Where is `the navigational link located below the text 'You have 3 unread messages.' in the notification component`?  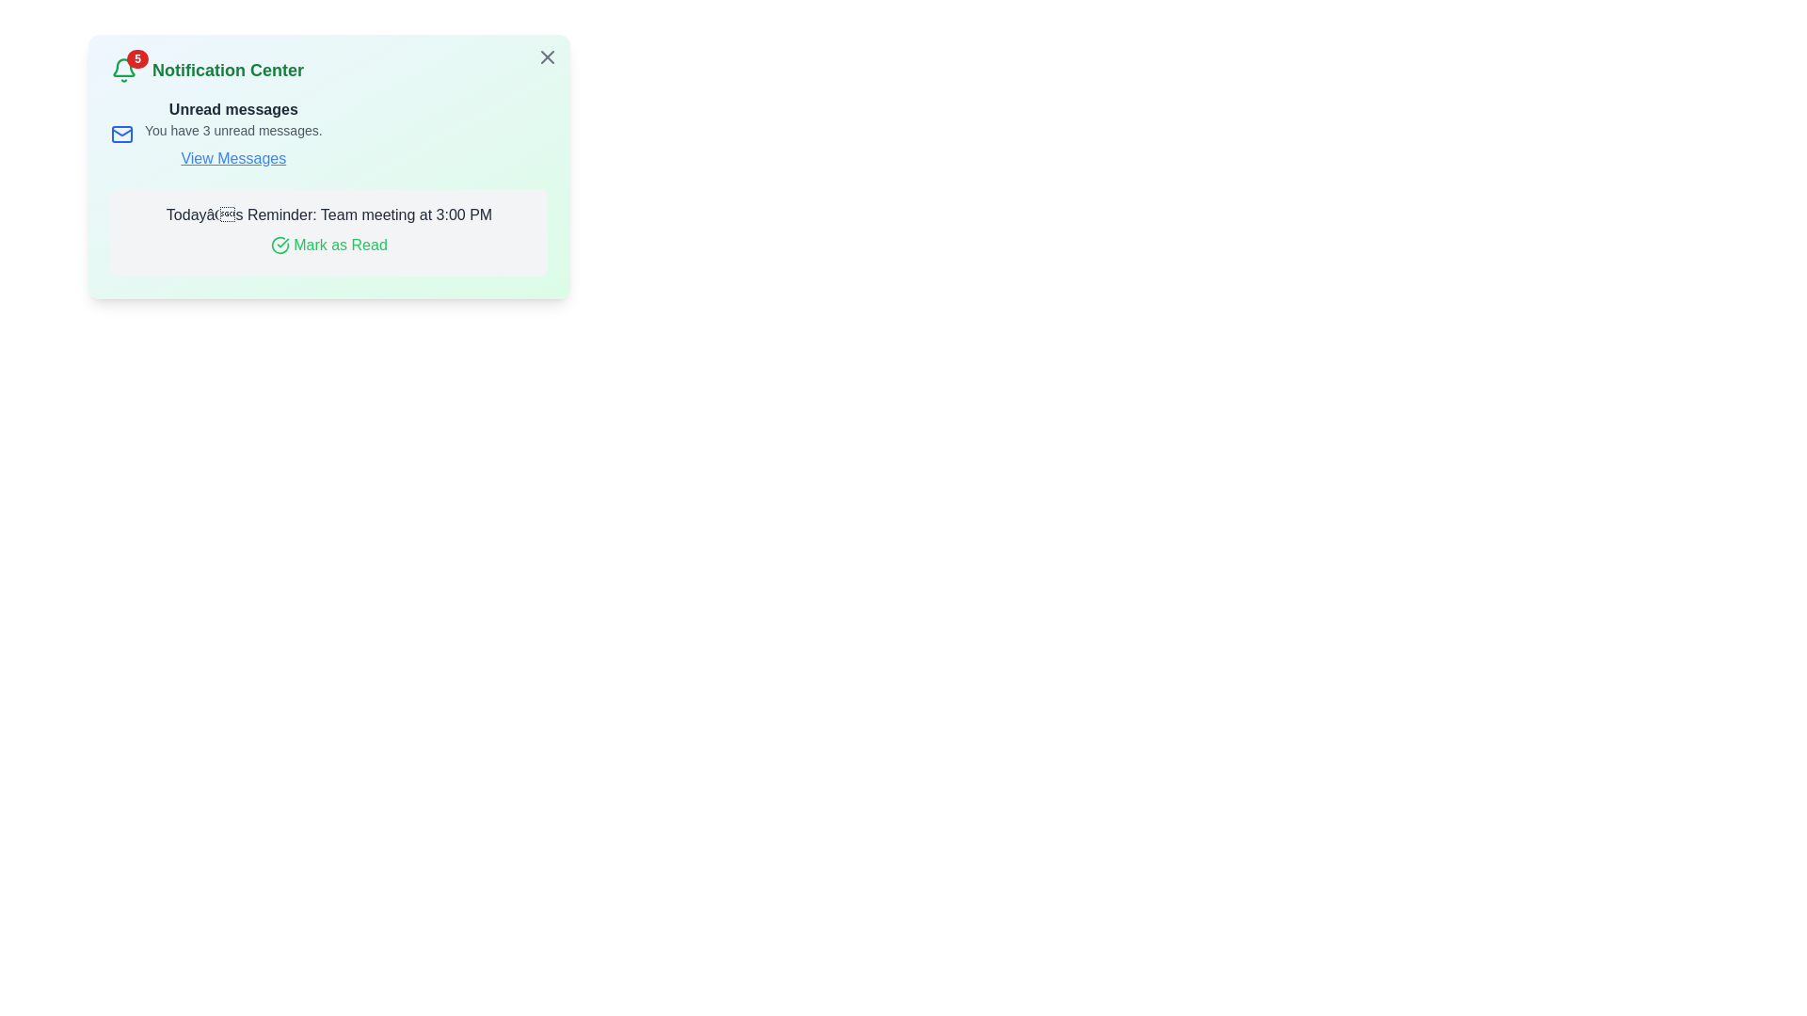
the navigational link located below the text 'You have 3 unread messages.' in the notification component is located at coordinates (232, 158).